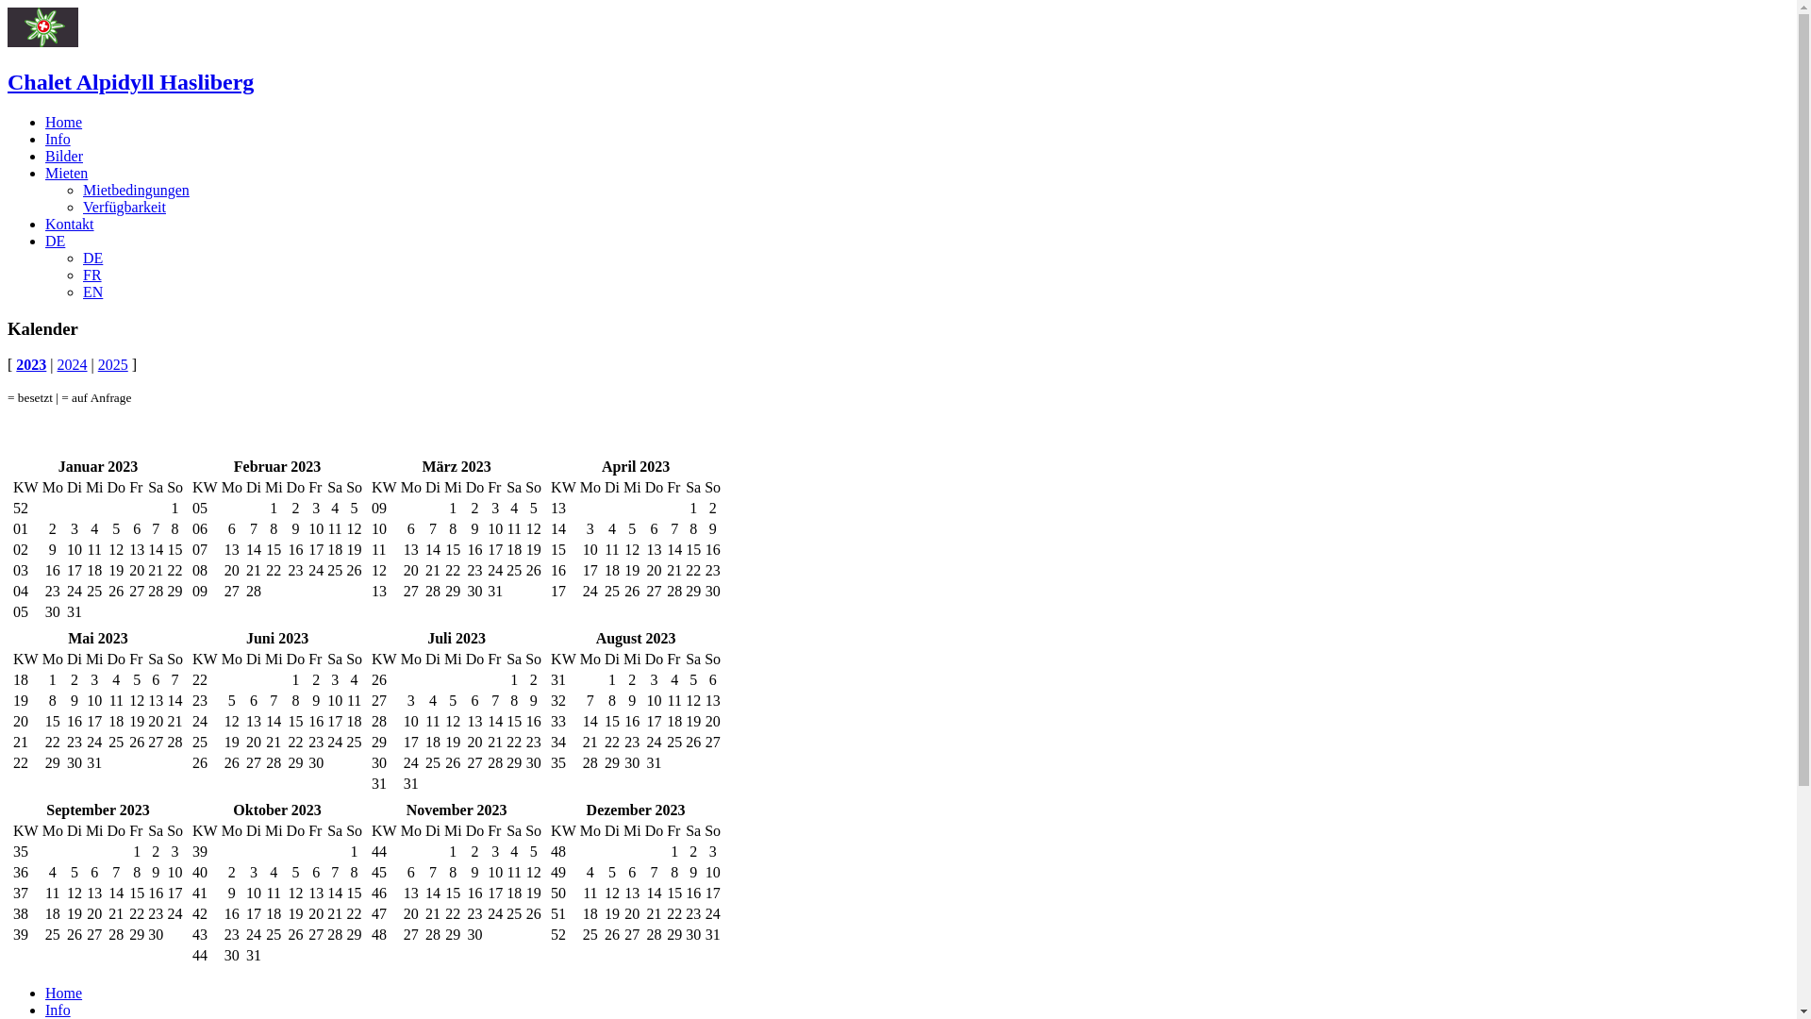 This screenshot has width=1811, height=1019. I want to click on 'DE', so click(45, 240).